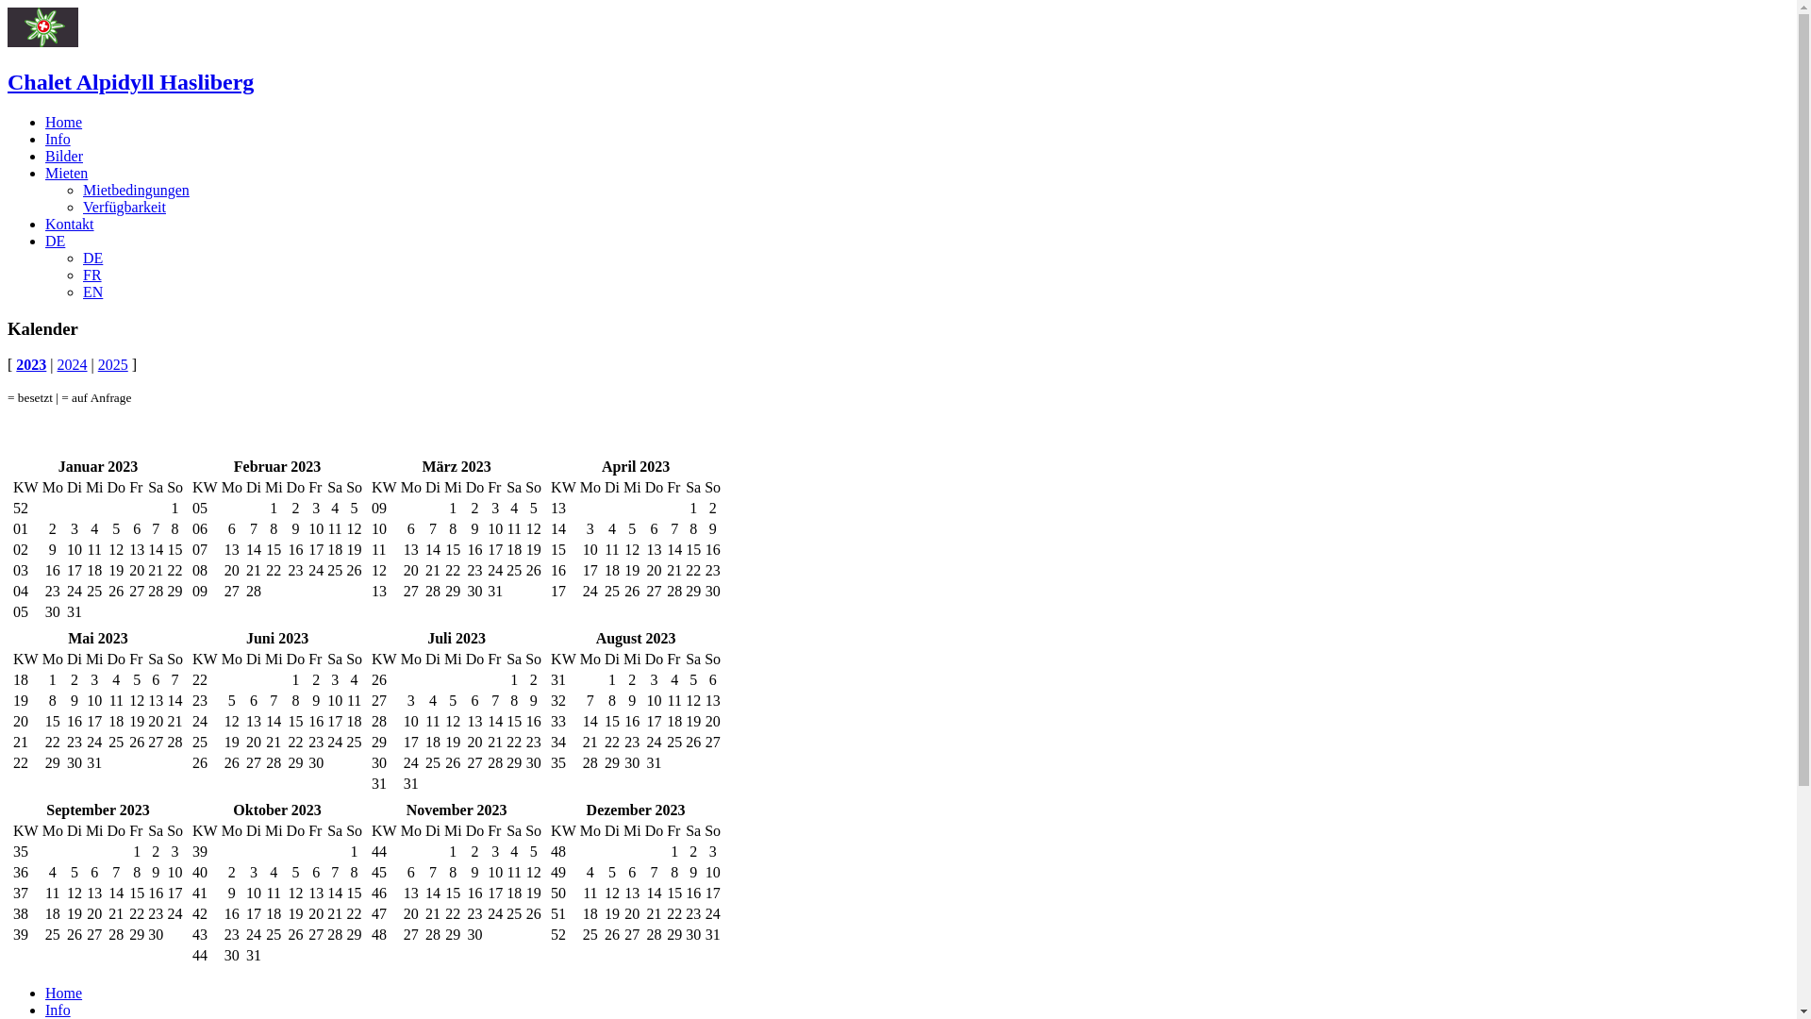 This screenshot has width=1811, height=1019. I want to click on 'DE', so click(45, 240).